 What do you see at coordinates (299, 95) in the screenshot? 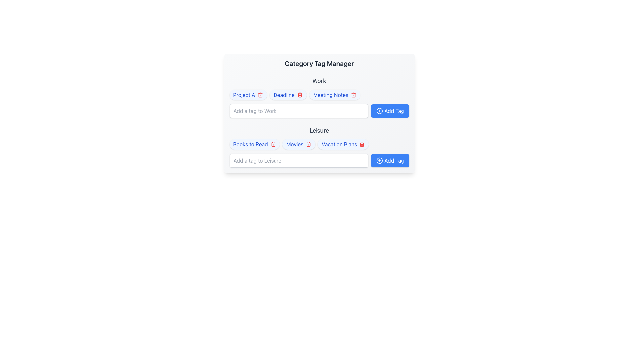
I see `the delete button located to the immediate right of the 'Deadline' tag within the 'Work' category` at bounding box center [299, 95].